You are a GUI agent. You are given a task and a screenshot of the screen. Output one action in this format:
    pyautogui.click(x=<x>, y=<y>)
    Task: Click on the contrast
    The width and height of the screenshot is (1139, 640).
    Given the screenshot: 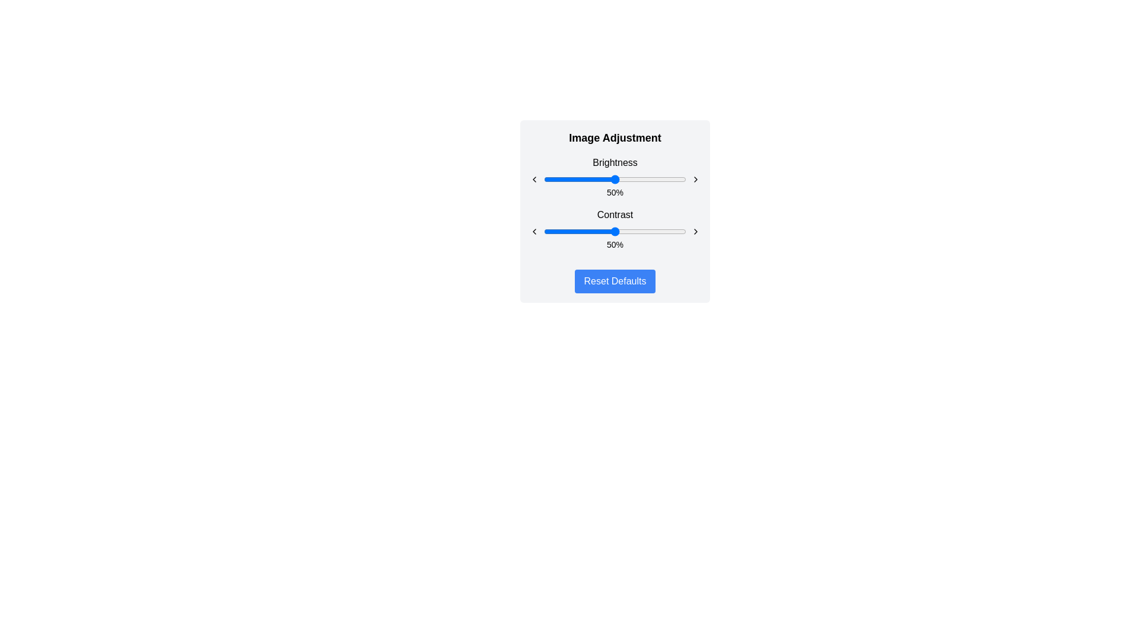 What is the action you would take?
    pyautogui.click(x=673, y=231)
    